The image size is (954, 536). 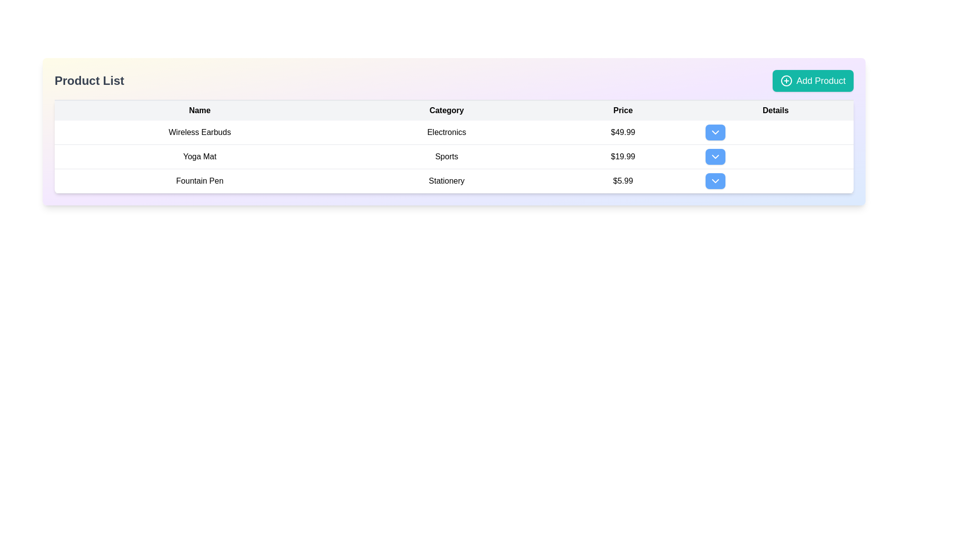 What do you see at coordinates (446, 110) in the screenshot?
I see `the second column header of the table, which indicates the categories of products, located between the 'Name' and 'Price' headers` at bounding box center [446, 110].